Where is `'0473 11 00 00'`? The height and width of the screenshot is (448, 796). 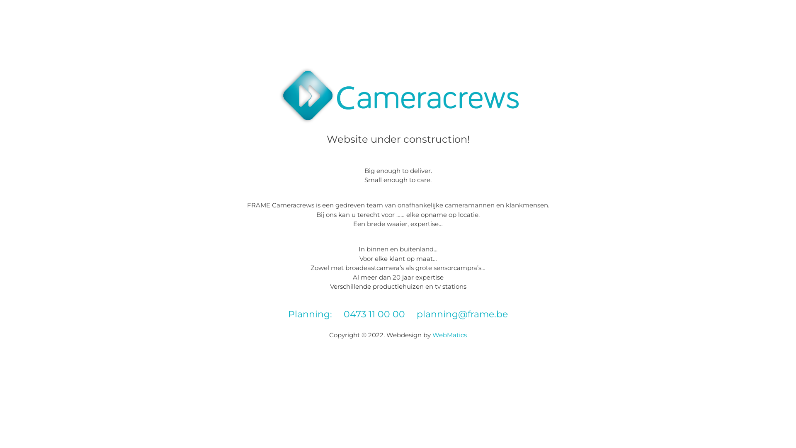
'0473 11 00 00' is located at coordinates (374, 314).